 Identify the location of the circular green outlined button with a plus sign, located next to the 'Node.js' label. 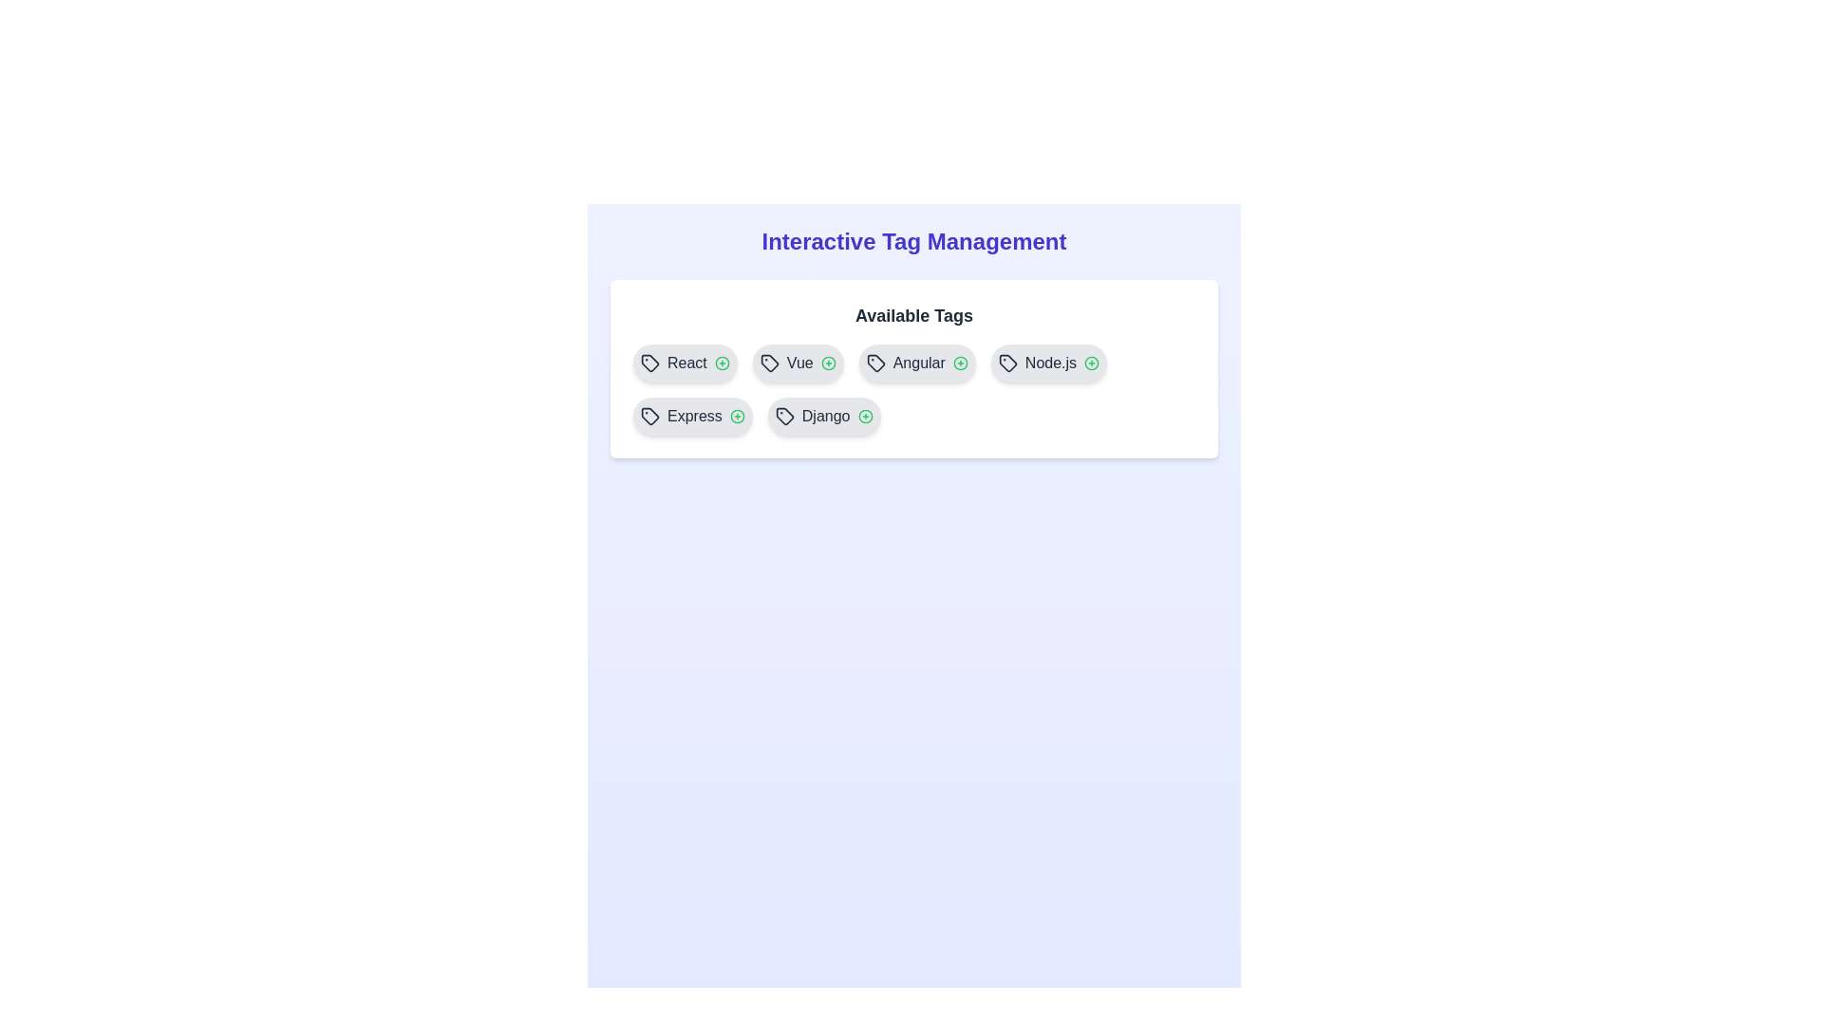
(1092, 363).